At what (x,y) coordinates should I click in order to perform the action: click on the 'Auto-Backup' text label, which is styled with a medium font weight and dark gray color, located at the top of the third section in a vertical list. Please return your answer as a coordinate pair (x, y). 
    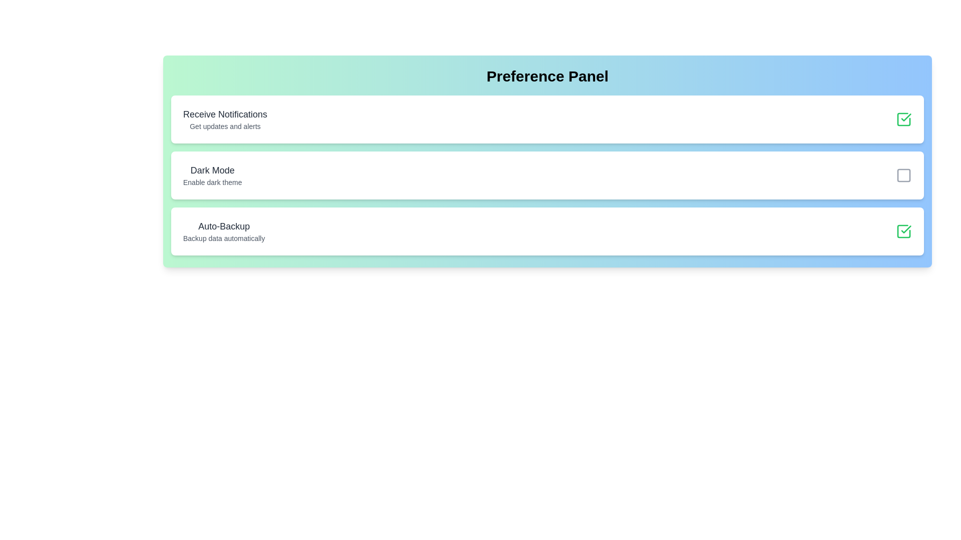
    Looking at the image, I should click on (223, 226).